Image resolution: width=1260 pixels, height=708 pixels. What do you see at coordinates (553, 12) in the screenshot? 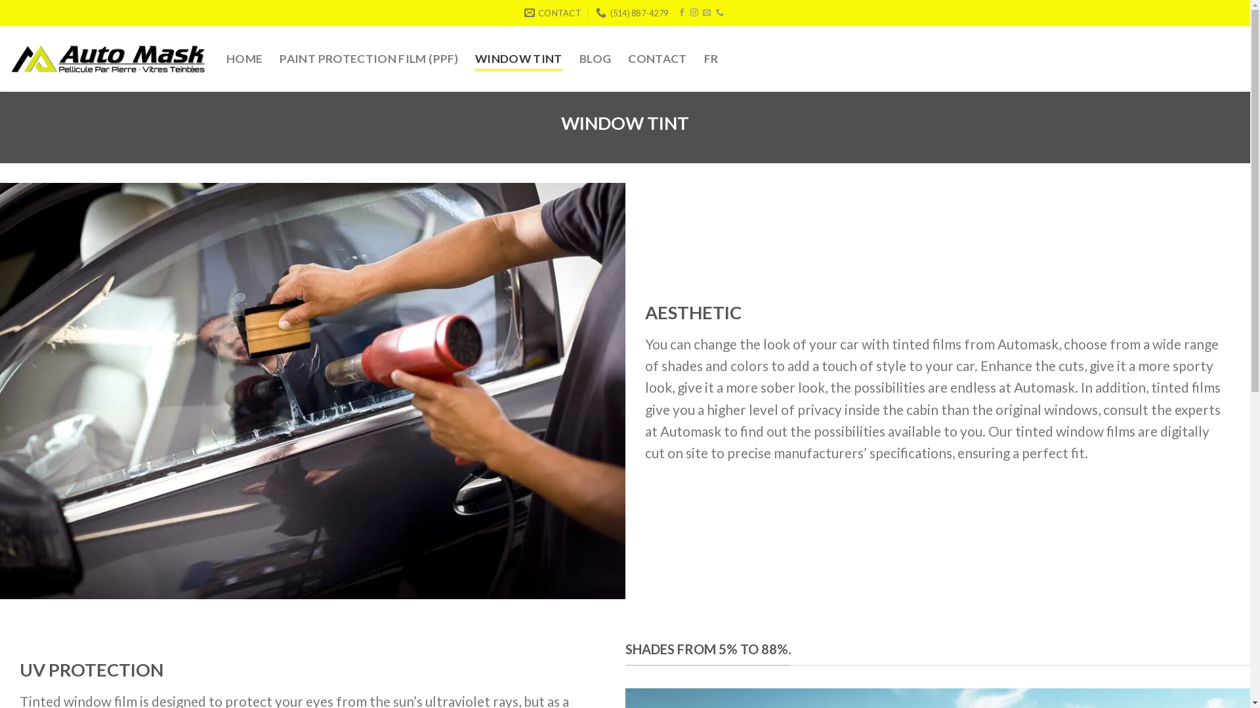
I see `'CONTACT'` at bounding box center [553, 12].